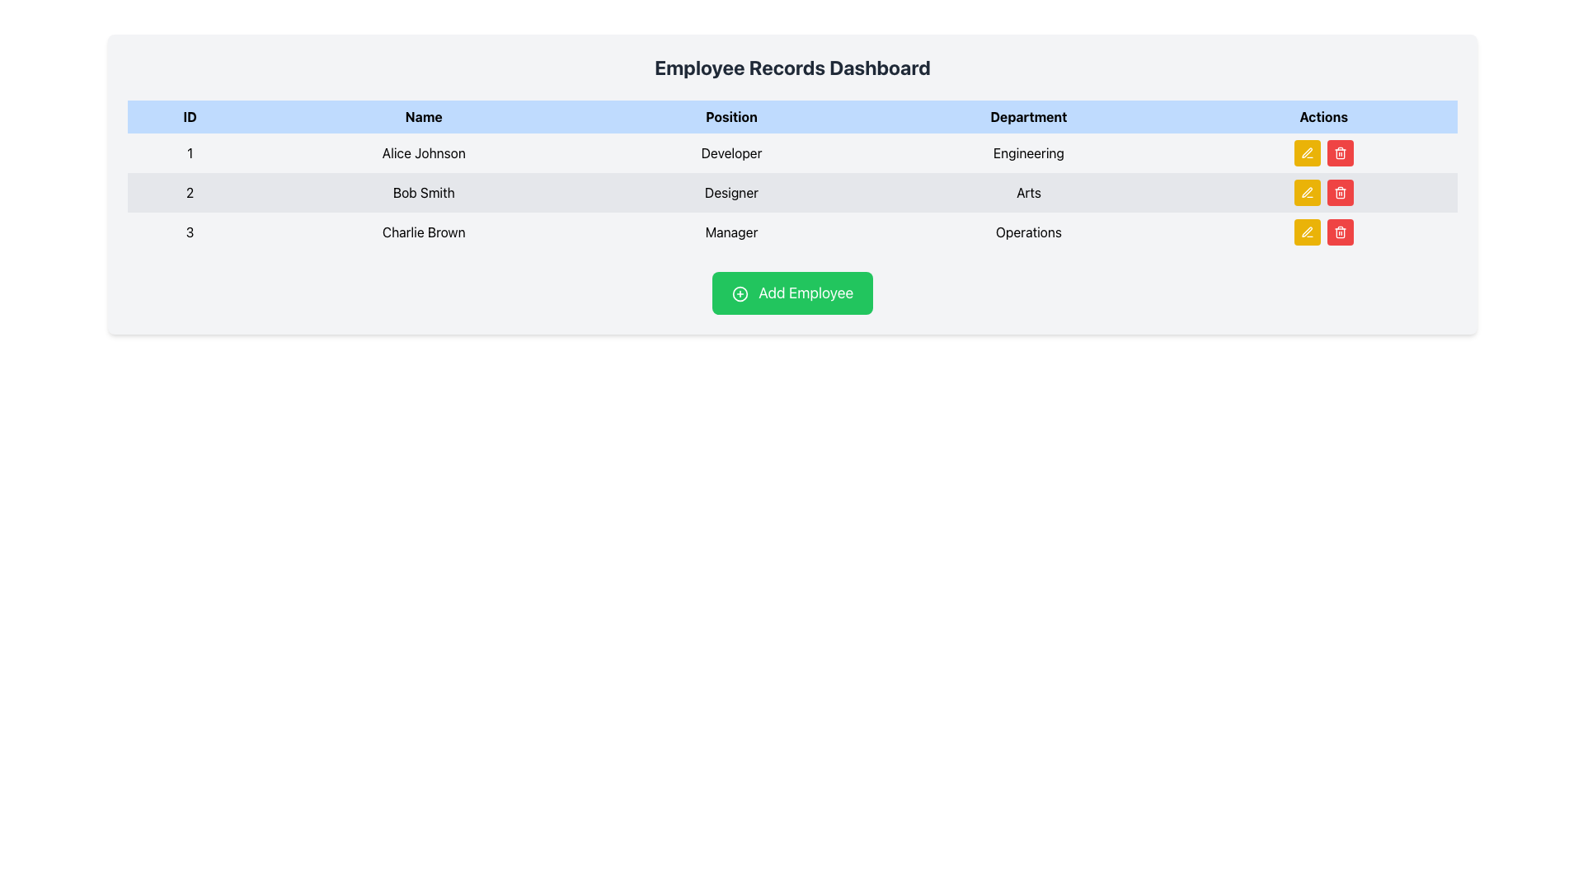  What do you see at coordinates (1028, 152) in the screenshot?
I see `on the static text label displaying the department for 'Alice Johnson' in the table` at bounding box center [1028, 152].